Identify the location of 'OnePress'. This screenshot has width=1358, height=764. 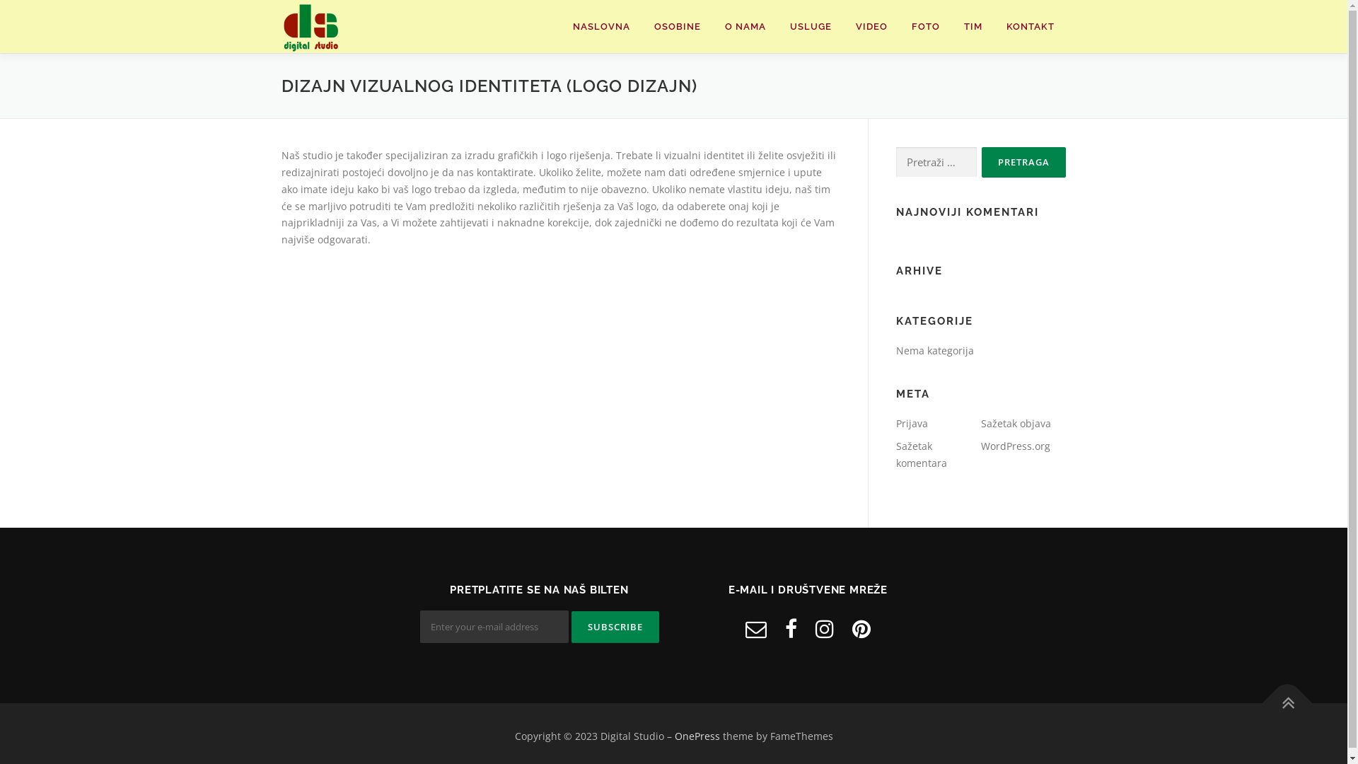
(674, 735).